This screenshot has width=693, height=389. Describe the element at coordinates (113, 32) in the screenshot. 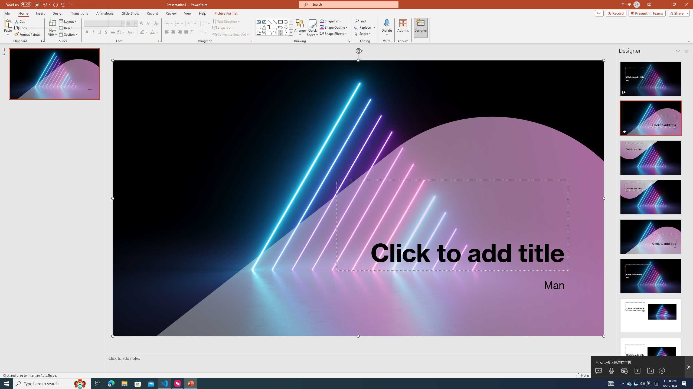

I see `'Strikethrough'` at that location.